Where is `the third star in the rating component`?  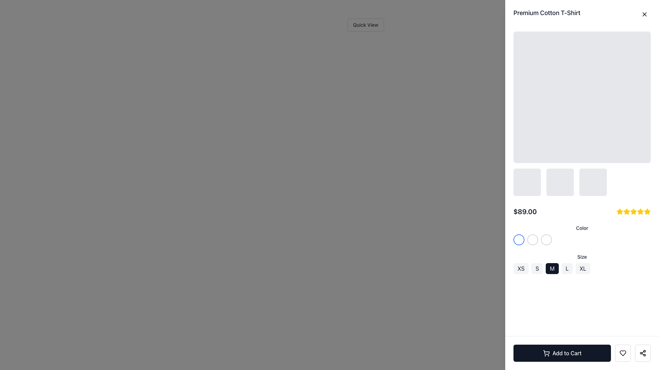 the third star in the rating component is located at coordinates (626, 211).